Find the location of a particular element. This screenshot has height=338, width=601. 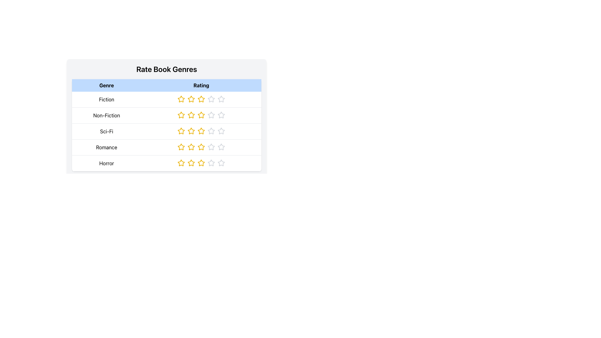

the second yellow-outlined star icon in the 'Horror' row under the 'Rating' column is located at coordinates (191, 162).